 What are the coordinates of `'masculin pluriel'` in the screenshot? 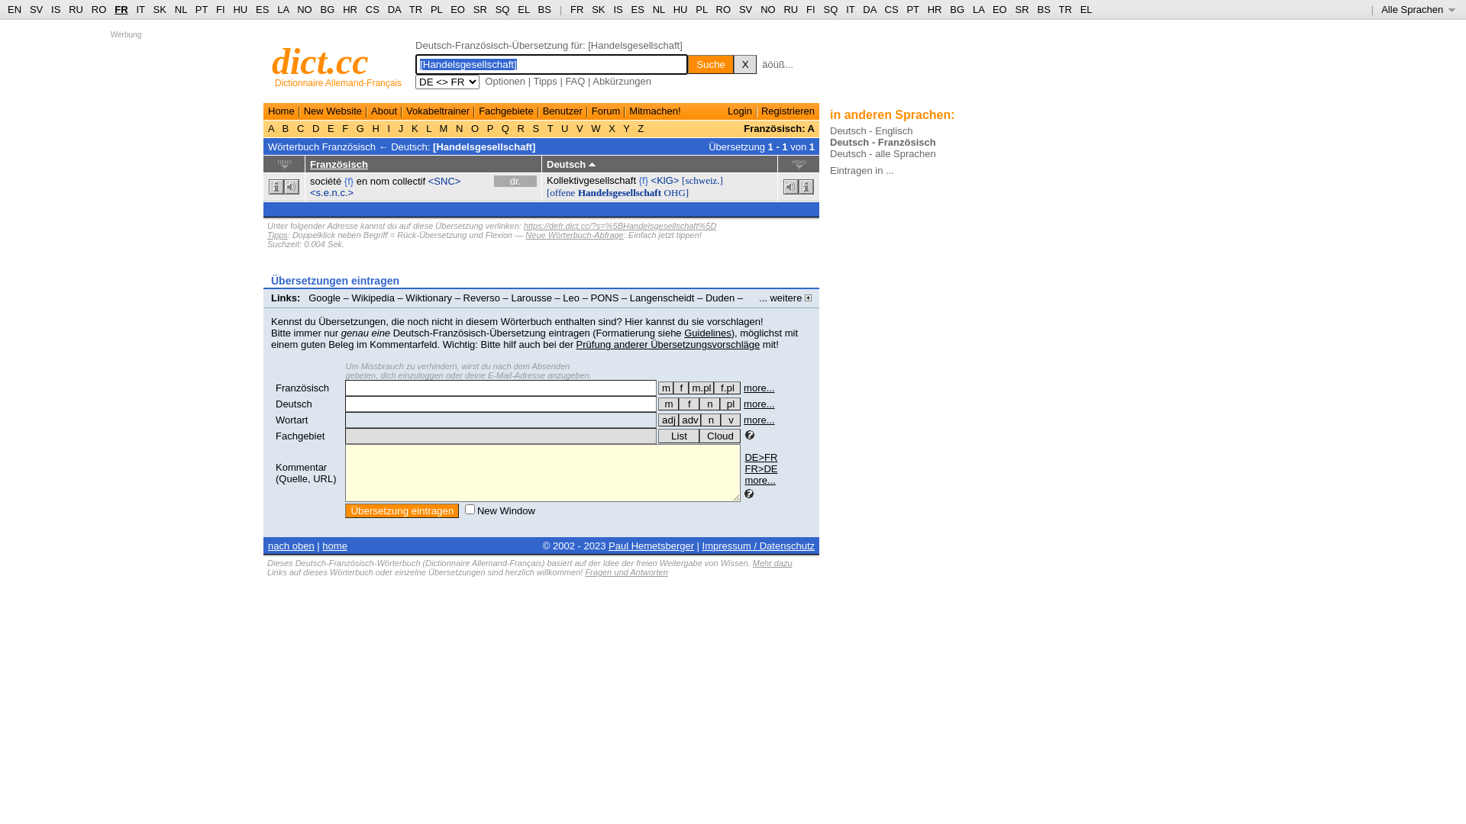 It's located at (688, 387).